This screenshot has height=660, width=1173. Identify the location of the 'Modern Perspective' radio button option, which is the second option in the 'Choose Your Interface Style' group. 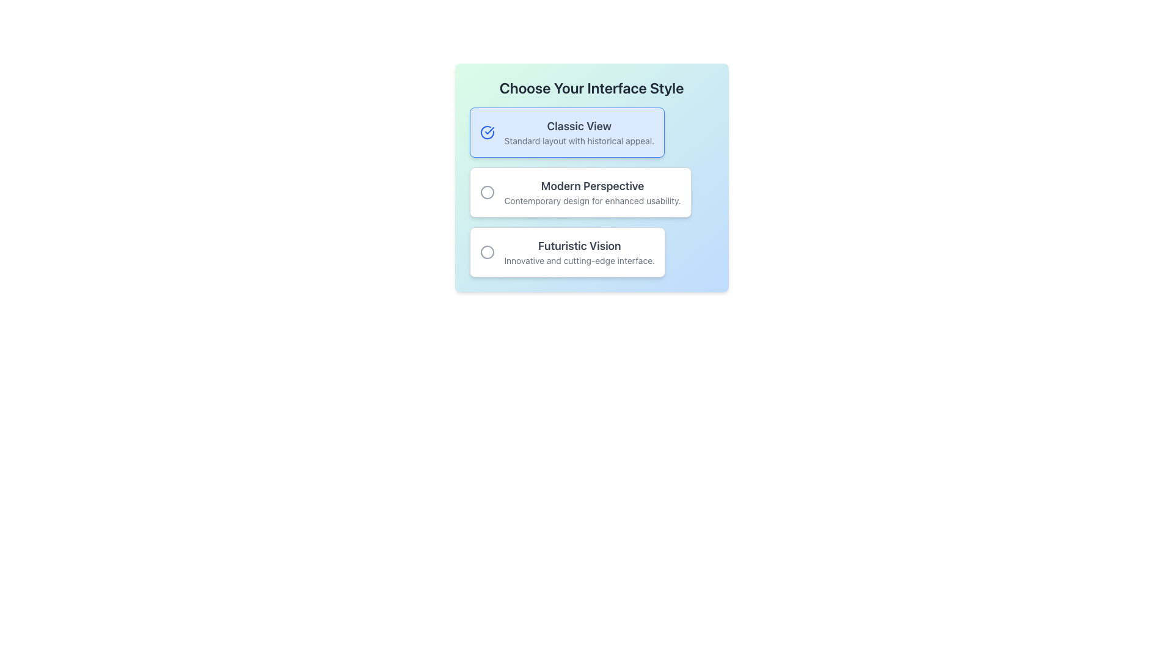
(591, 193).